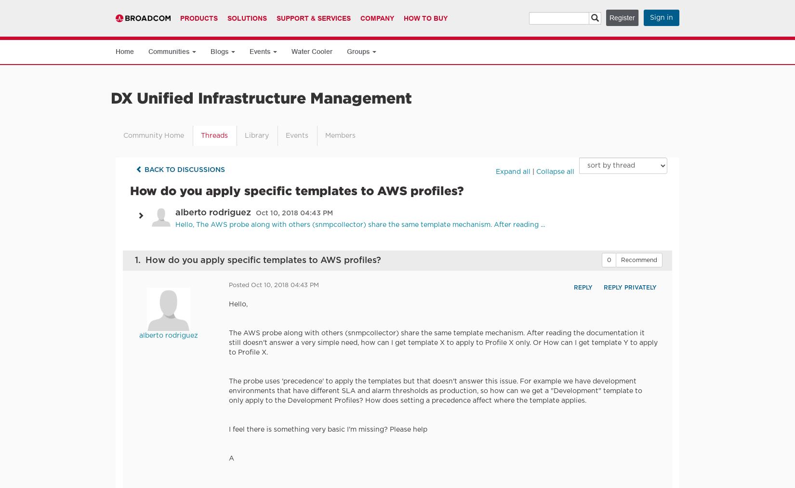  I want to click on 'Reply', so click(583, 287).